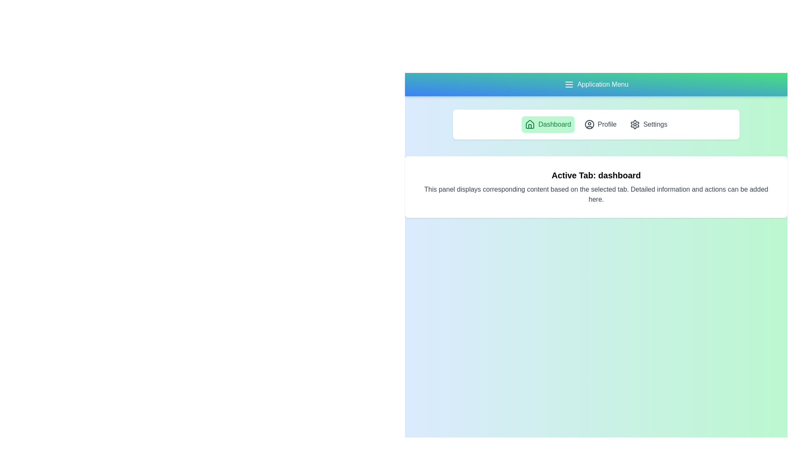 This screenshot has width=800, height=450. Describe the element at coordinates (600, 125) in the screenshot. I see `the tab labeled Profile to observe its hover effect` at that location.